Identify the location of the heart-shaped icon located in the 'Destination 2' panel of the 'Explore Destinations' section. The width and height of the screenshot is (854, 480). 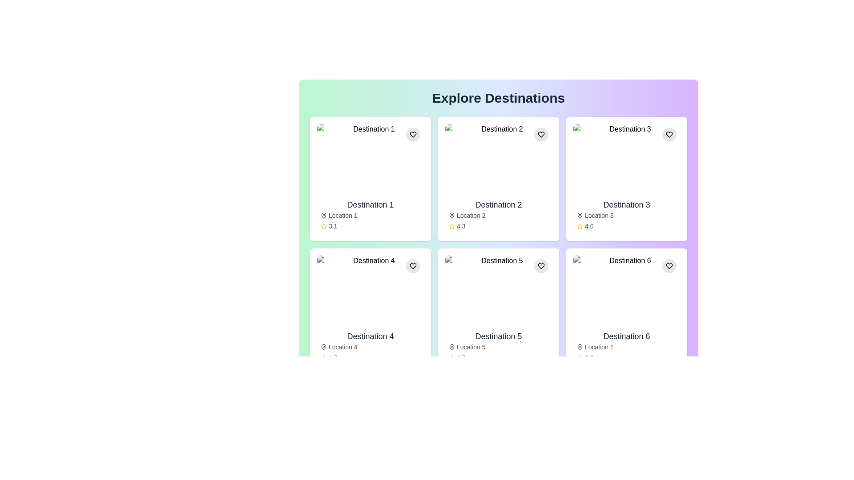
(541, 135).